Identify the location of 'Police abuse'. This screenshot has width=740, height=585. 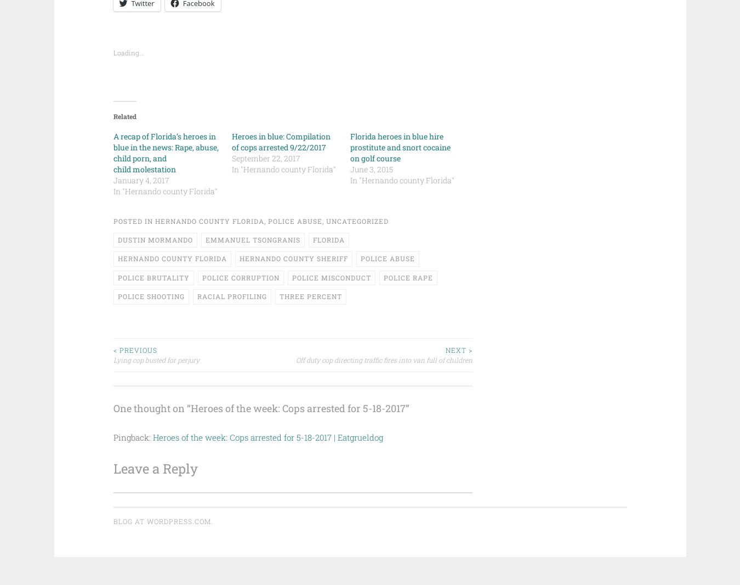
(294, 221).